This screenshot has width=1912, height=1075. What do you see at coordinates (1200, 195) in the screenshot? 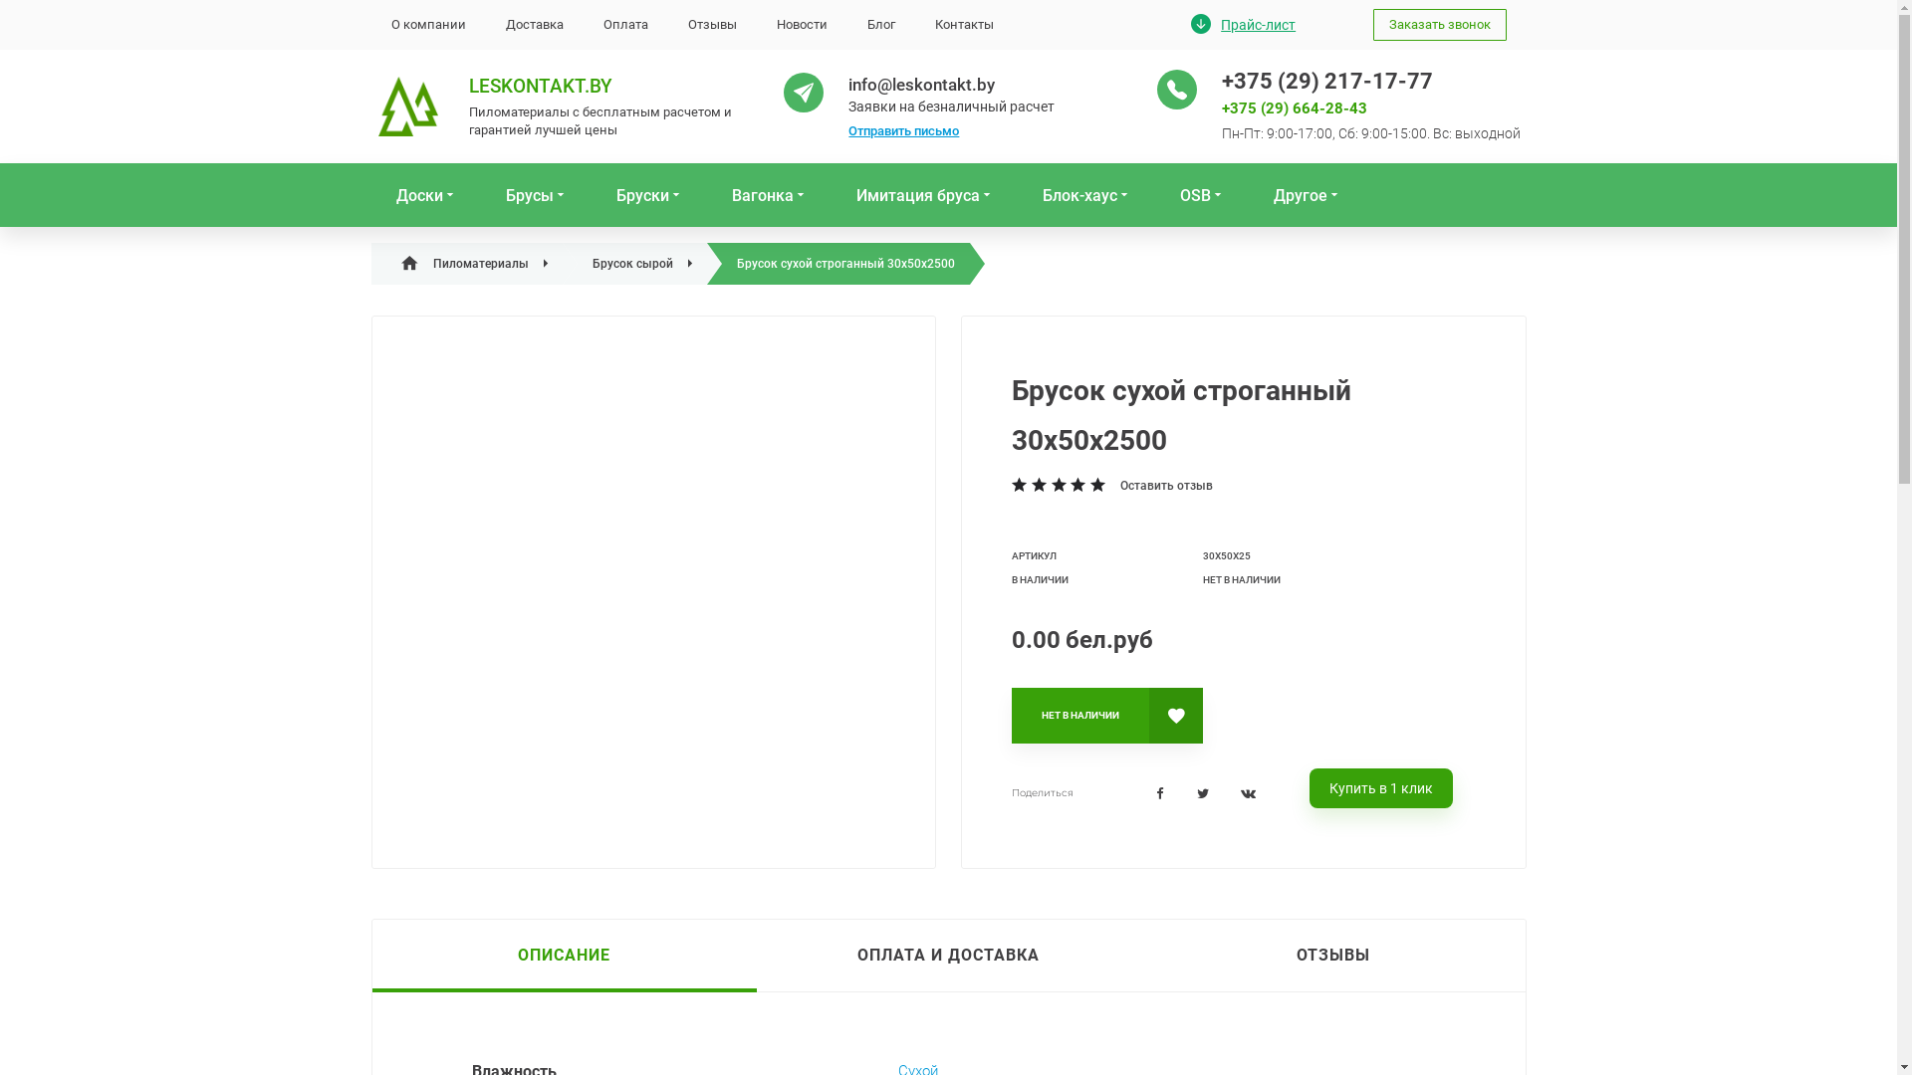
I see `'OSB'` at bounding box center [1200, 195].